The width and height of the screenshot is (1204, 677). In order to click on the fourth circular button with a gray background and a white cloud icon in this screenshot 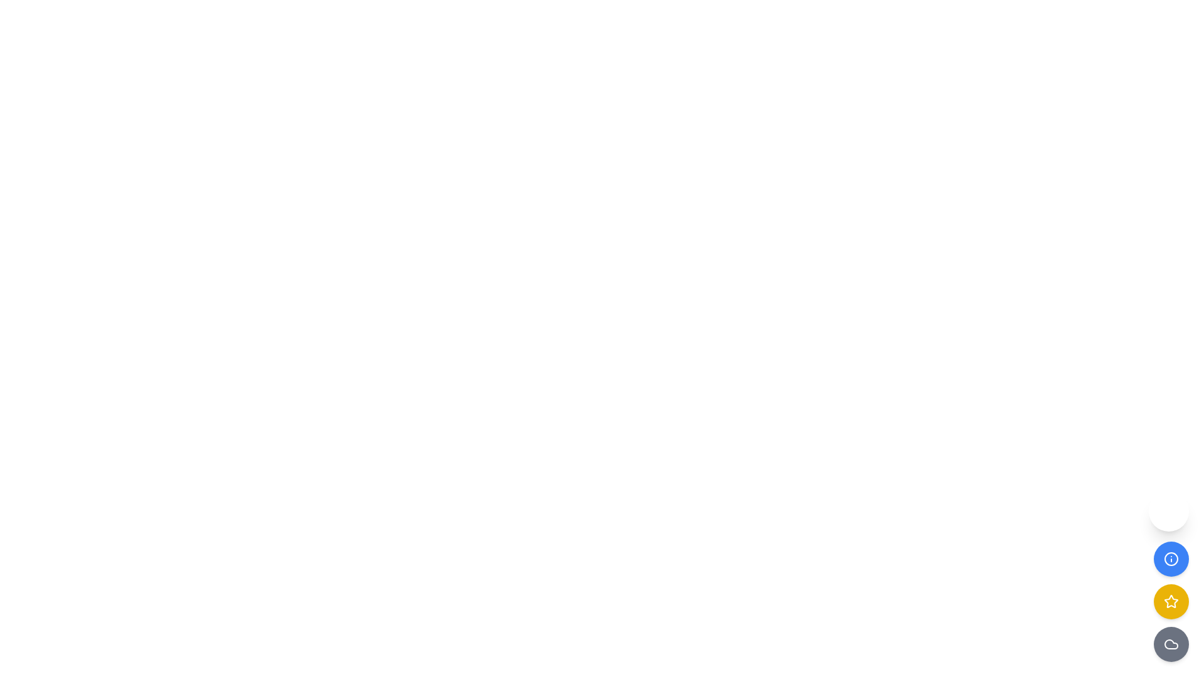, I will do `click(1170, 644)`.